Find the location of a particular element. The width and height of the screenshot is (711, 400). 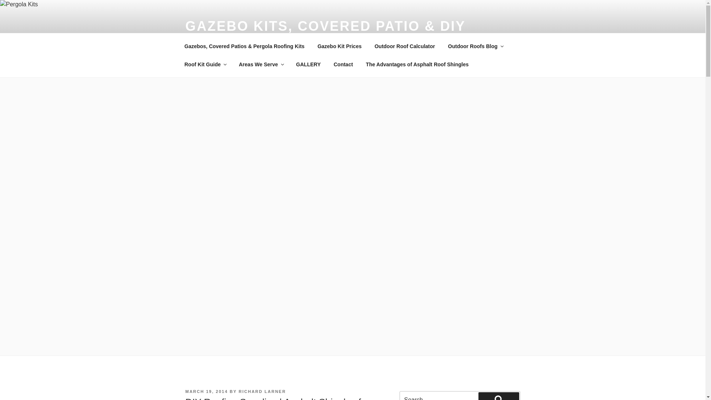

'RICHARD LARNER' is located at coordinates (263, 391).